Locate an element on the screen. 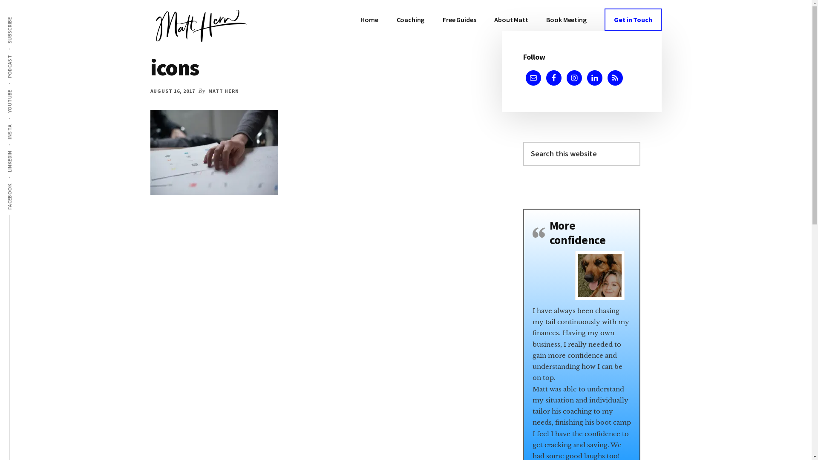 Image resolution: width=818 pixels, height=460 pixels. 'Search' is located at coordinates (640, 141).